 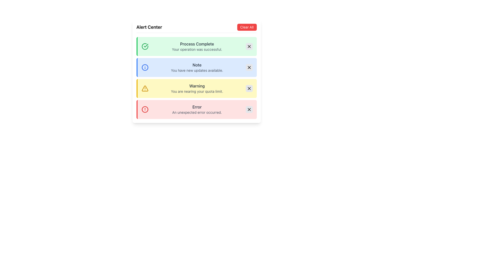 What do you see at coordinates (197, 109) in the screenshot?
I see `the error notification element displaying the title 'Error' and the message 'An unexpected error occurred.' in the Alert Center section` at bounding box center [197, 109].